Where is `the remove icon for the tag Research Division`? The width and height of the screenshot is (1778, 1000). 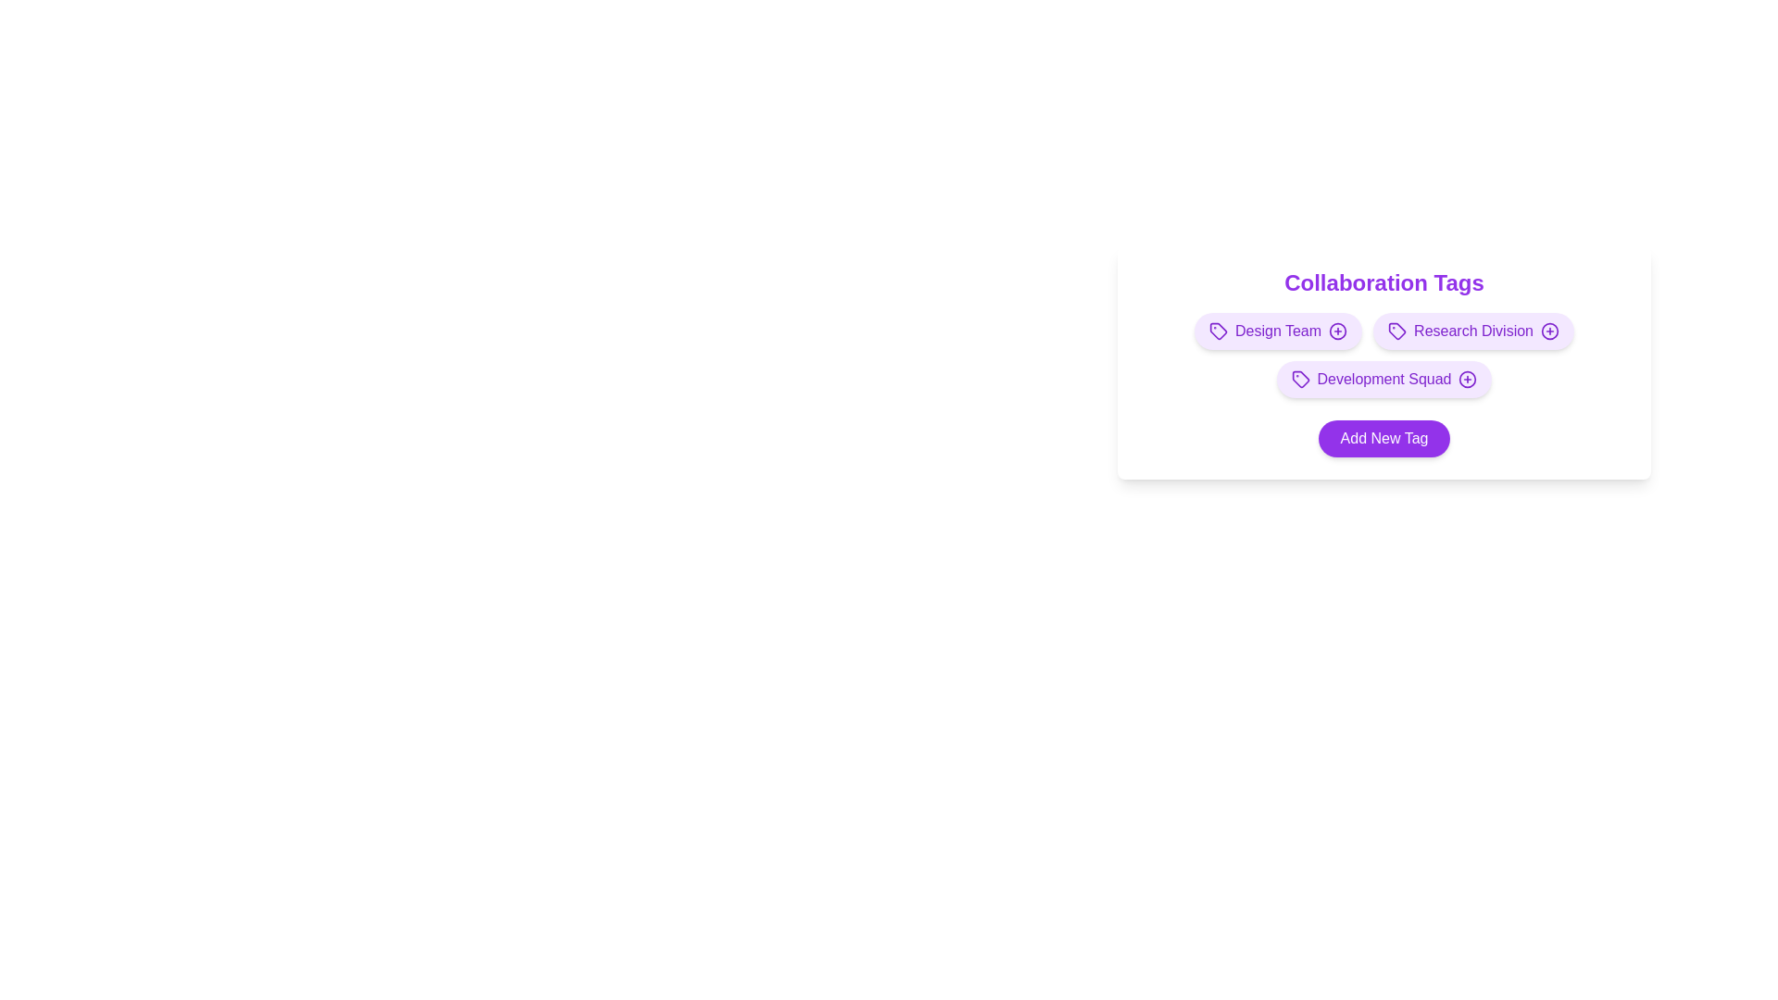 the remove icon for the tag Research Division is located at coordinates (1550, 331).